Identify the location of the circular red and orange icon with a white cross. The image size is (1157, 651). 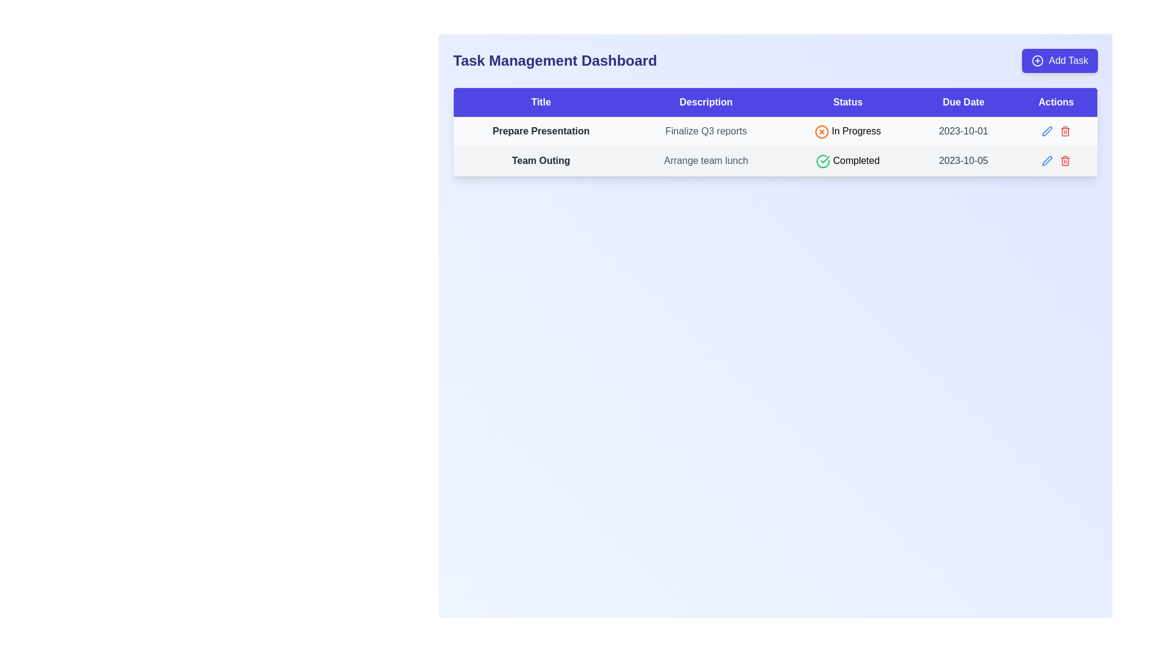
(821, 131).